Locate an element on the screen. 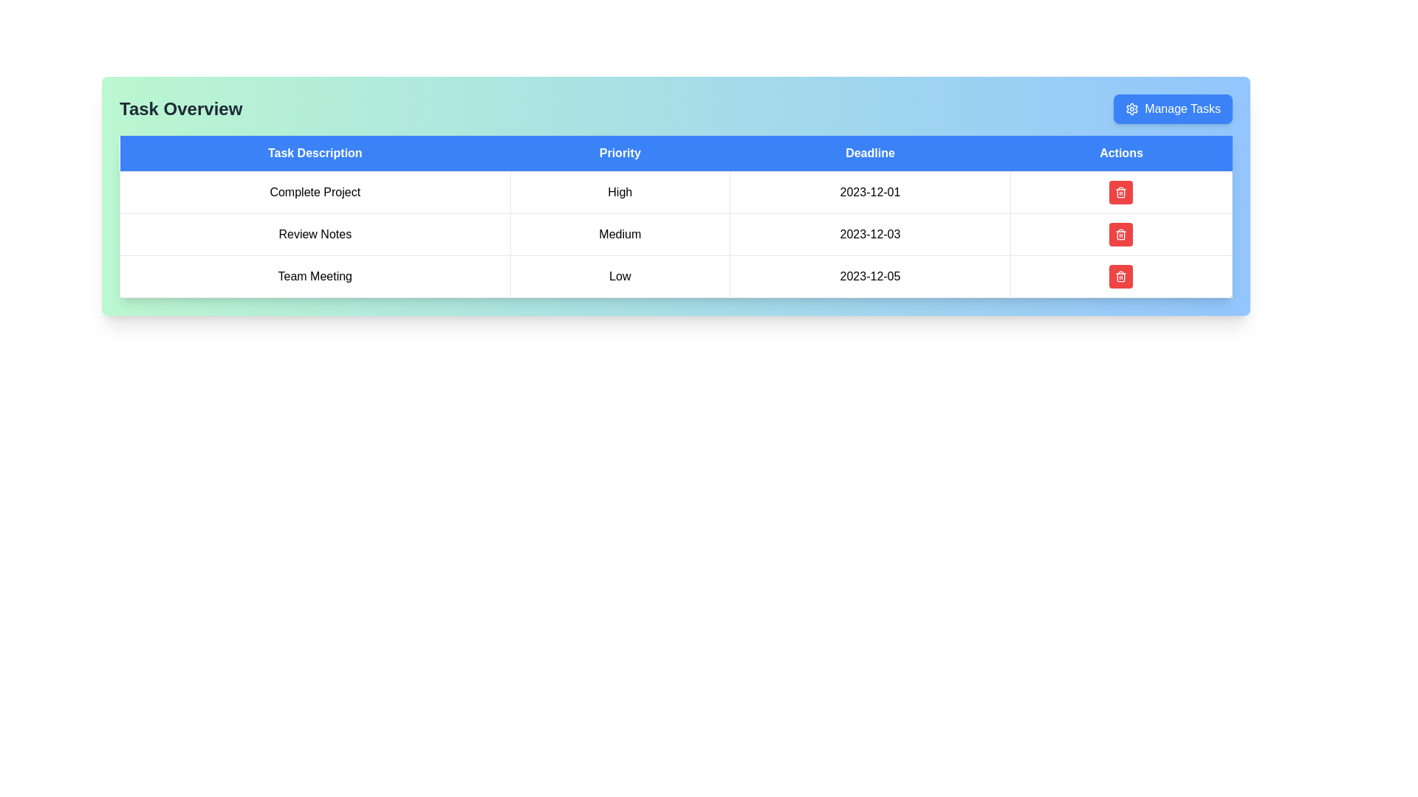 The height and width of the screenshot is (797, 1418). the trash can icon in the 'Actions' column of the last task labeled 'Team Meeting' is located at coordinates (1121, 276).